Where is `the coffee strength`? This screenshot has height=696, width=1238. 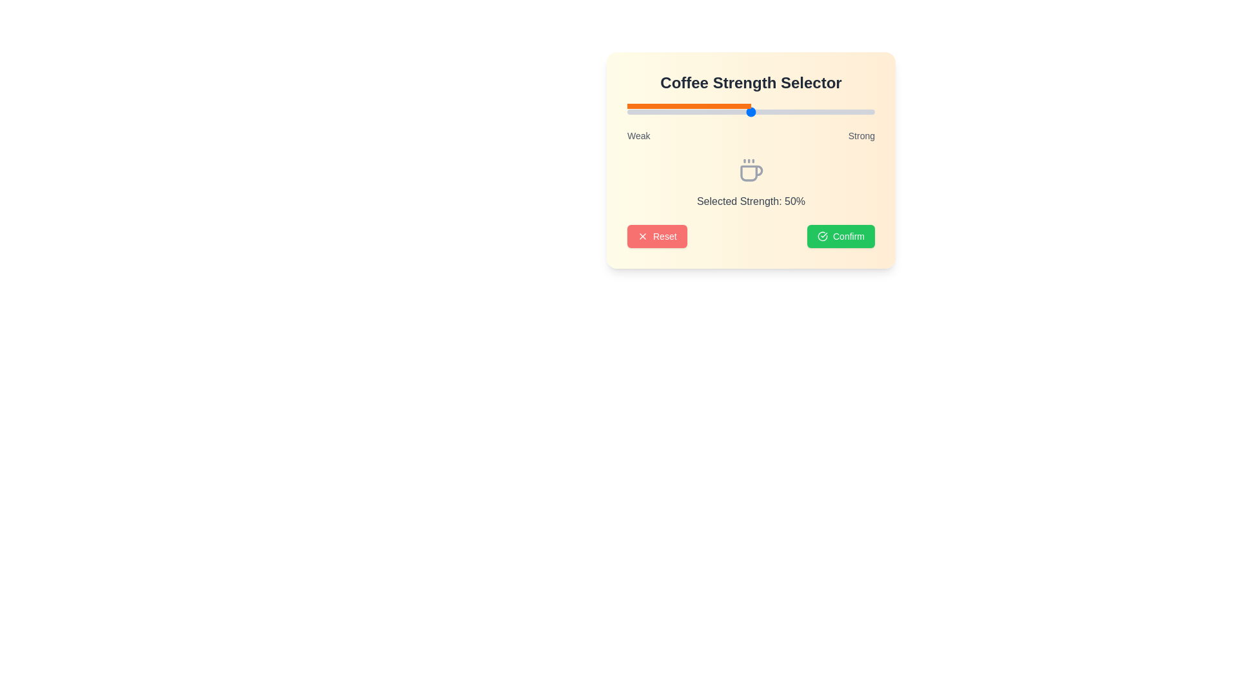
the coffee strength is located at coordinates (787, 111).